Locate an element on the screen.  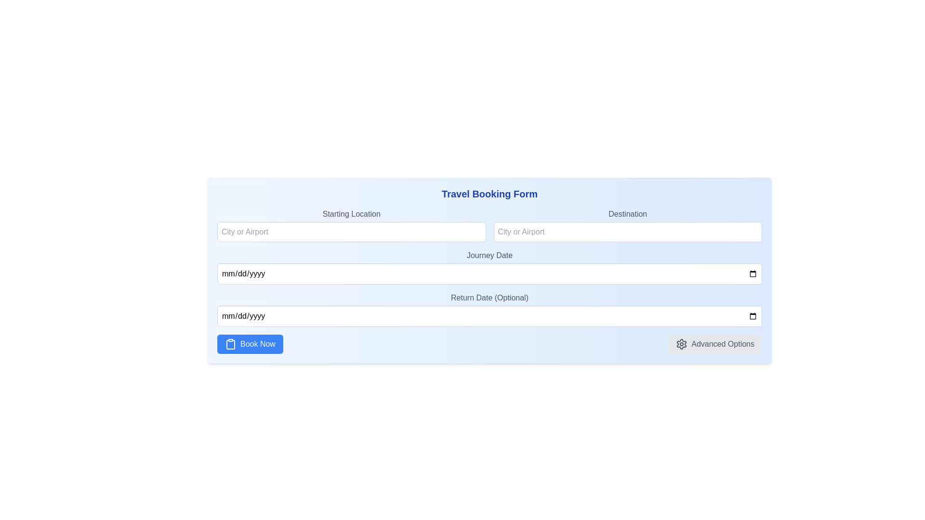
the input field labeled 'Destination', which is the second element in the list format, positioned above the input for 'Journey Date' and below the input for 'Starting Location' is located at coordinates (628, 225).